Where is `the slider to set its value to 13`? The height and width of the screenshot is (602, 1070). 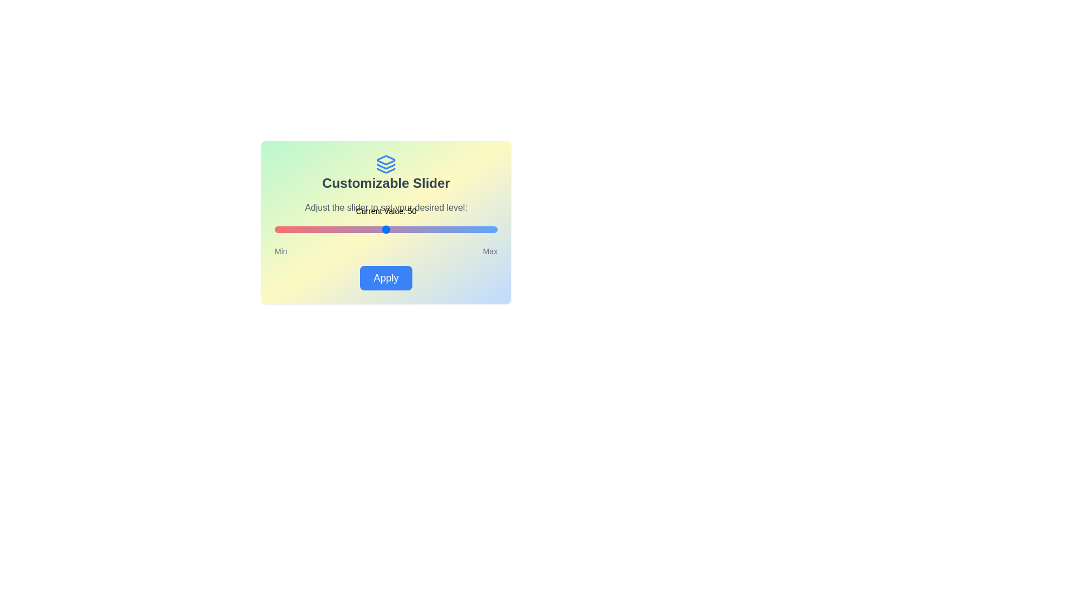
the slider to set its value to 13 is located at coordinates (304, 229).